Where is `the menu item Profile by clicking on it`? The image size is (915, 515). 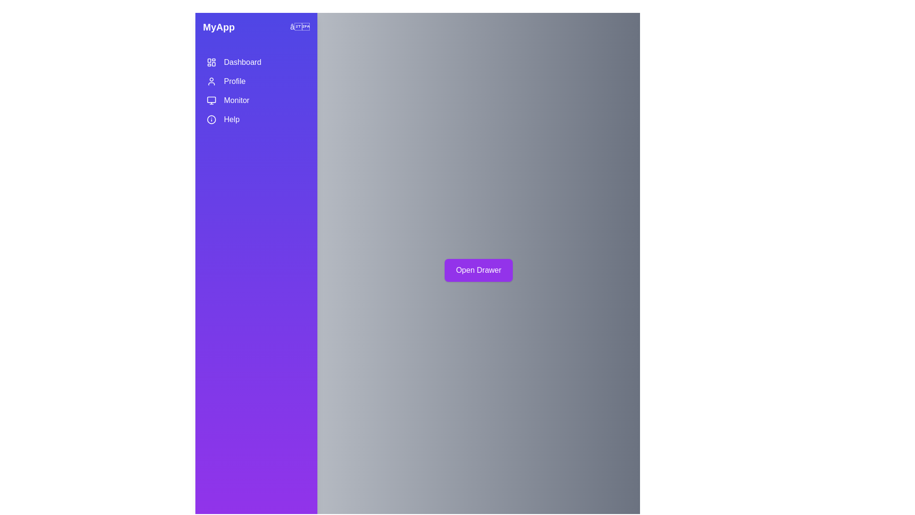 the menu item Profile by clicking on it is located at coordinates (256, 81).